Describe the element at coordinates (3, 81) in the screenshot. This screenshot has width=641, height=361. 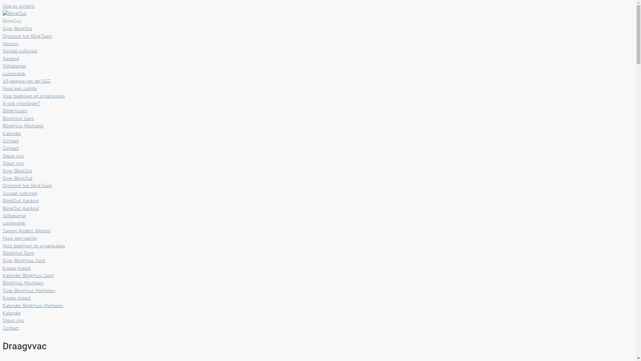
I see `'10-daagse van de GGZ'` at that location.